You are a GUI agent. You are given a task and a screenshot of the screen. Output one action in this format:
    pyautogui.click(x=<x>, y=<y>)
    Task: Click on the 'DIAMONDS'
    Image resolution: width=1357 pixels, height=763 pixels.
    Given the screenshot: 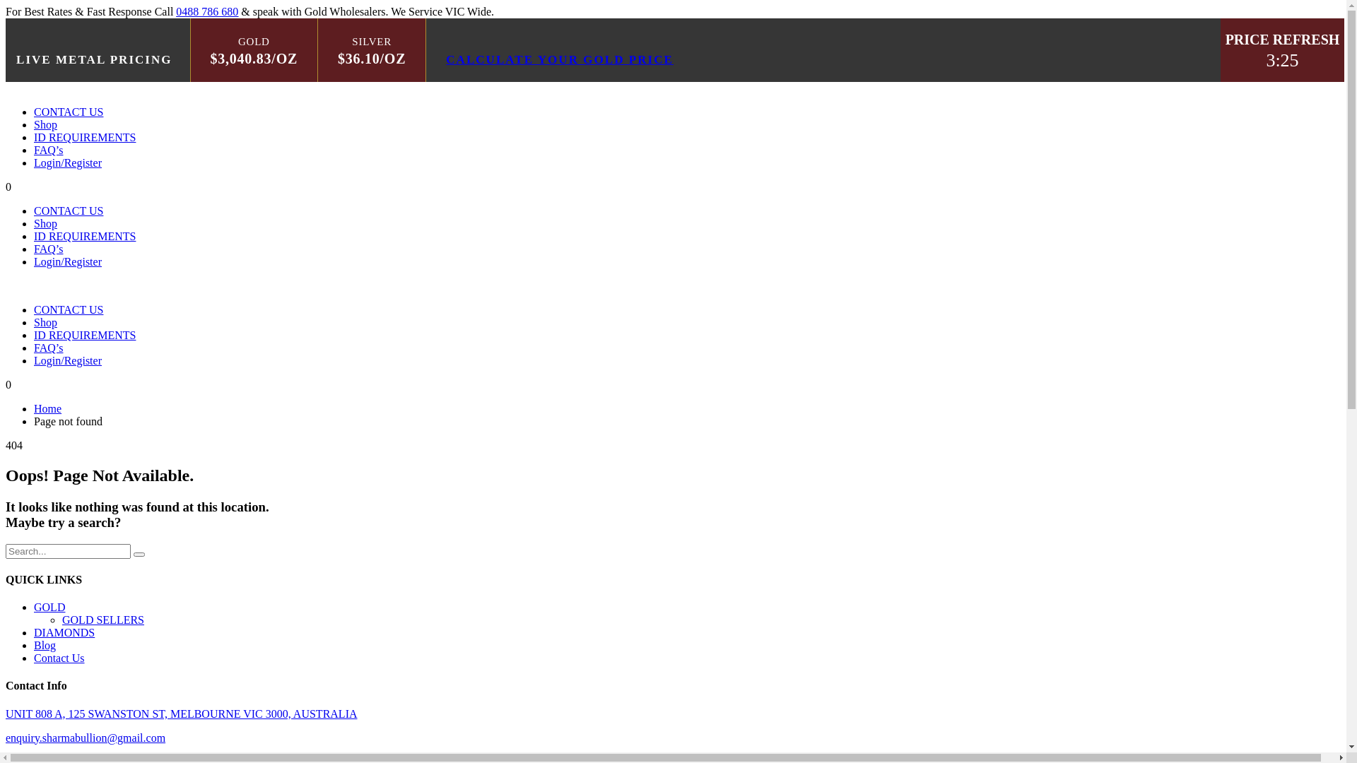 What is the action you would take?
    pyautogui.click(x=64, y=632)
    